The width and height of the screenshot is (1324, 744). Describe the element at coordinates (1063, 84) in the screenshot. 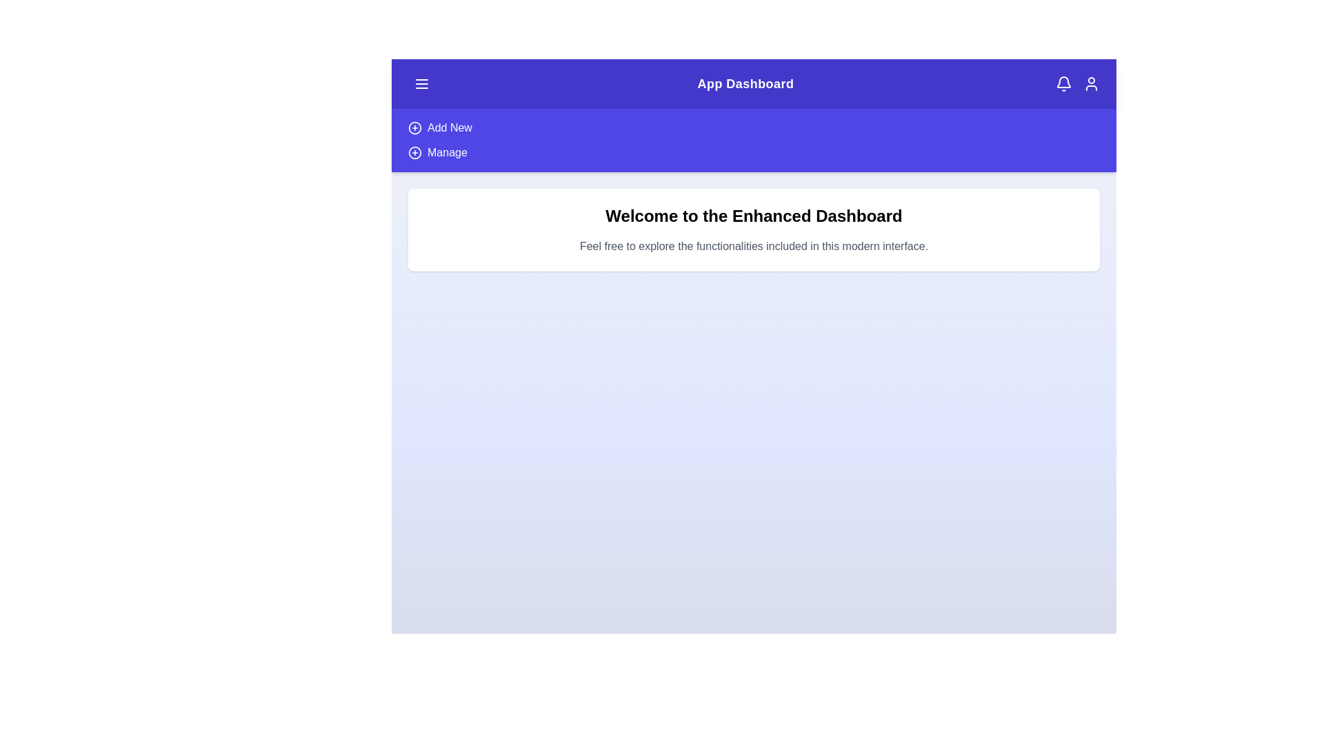

I see `the 'Bell' icon in the header` at that location.